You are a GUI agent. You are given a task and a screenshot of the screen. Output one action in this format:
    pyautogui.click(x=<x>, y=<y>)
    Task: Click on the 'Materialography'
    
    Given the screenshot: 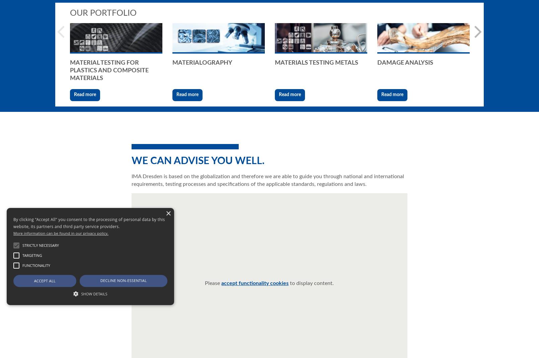 What is the action you would take?
    pyautogui.click(x=202, y=62)
    